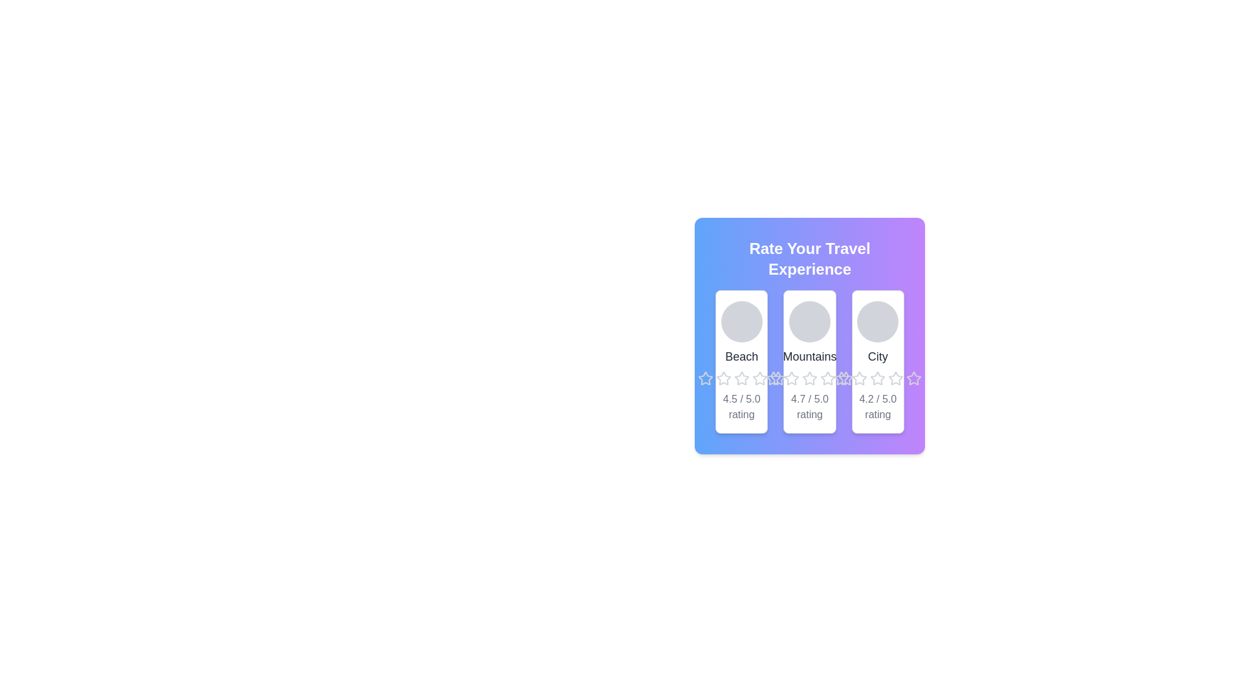 The width and height of the screenshot is (1242, 698). Describe the element at coordinates (791, 378) in the screenshot. I see `the third star icon in the rating row under the 'Mountains' section to indicate a rating of three stars out of five` at that location.